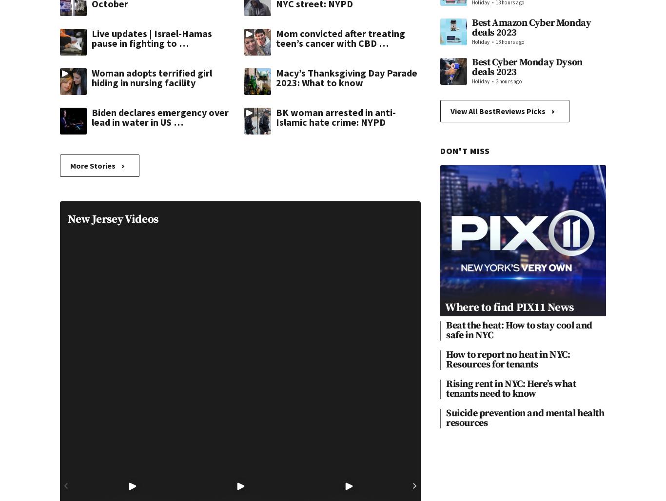  Describe the element at coordinates (527, 67) in the screenshot. I see `'Best Cyber Monday Dyson deals 2023'` at that location.